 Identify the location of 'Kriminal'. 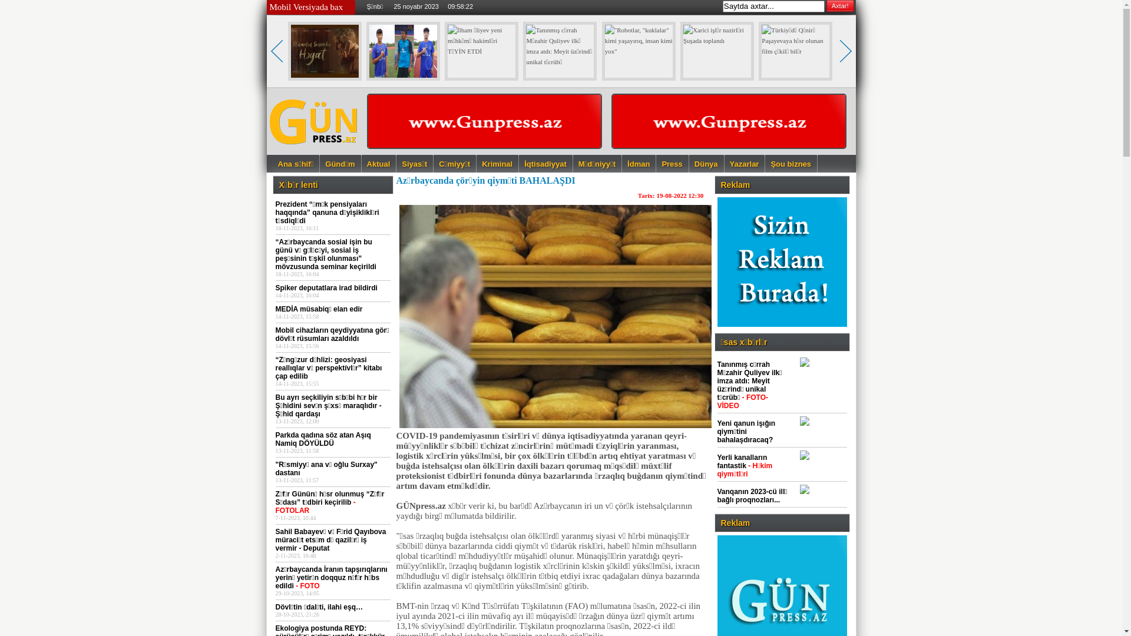
(497, 163).